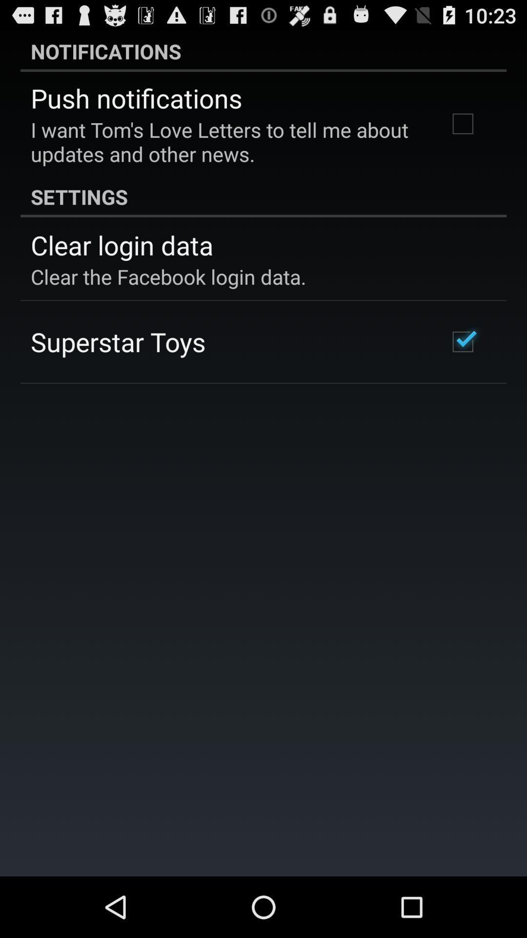 Image resolution: width=527 pixels, height=938 pixels. Describe the element at coordinates (118, 341) in the screenshot. I see `the superstar toys app` at that location.